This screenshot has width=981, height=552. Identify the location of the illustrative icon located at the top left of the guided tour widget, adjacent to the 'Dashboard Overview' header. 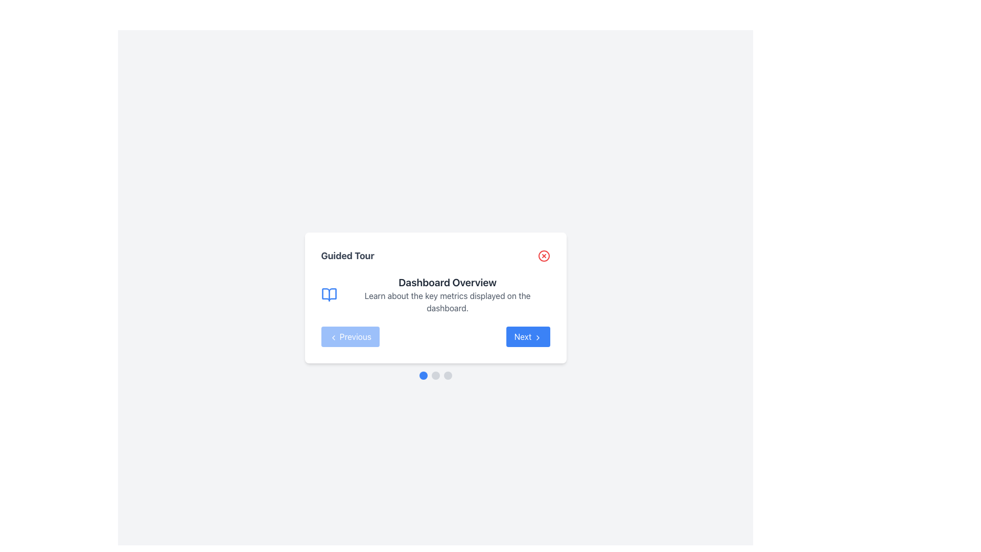
(329, 295).